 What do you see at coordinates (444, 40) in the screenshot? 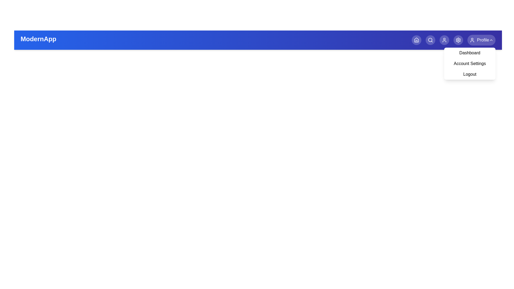
I see `the icon button corresponding to User` at bounding box center [444, 40].